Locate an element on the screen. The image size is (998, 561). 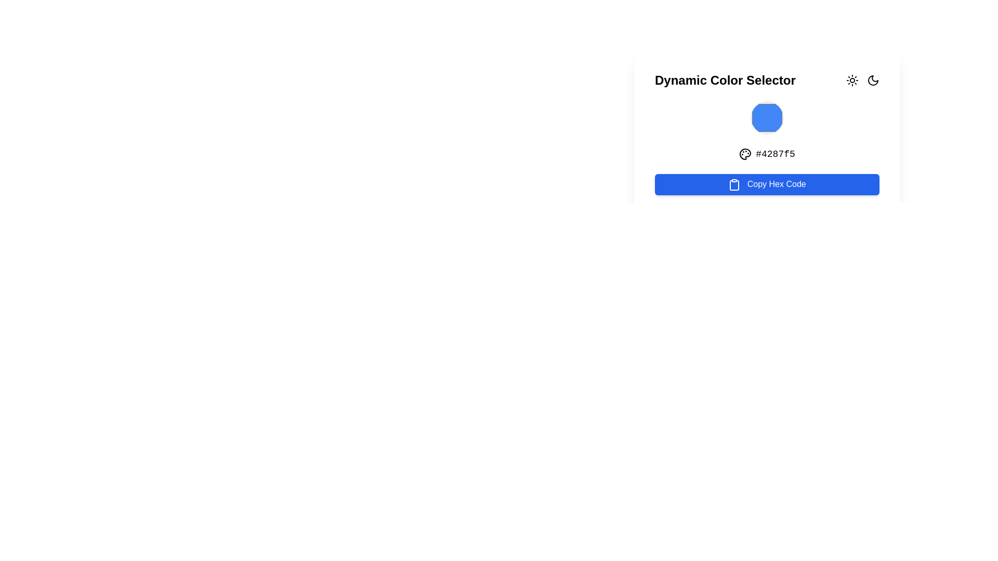
the stylized sun icon located in the first slot of a horizontal arrangement of icons is located at coordinates (852, 79).